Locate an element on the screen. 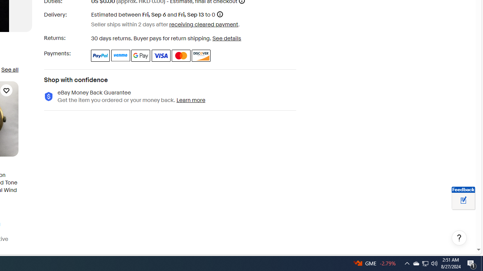  'PayPal' is located at coordinates (100, 55).